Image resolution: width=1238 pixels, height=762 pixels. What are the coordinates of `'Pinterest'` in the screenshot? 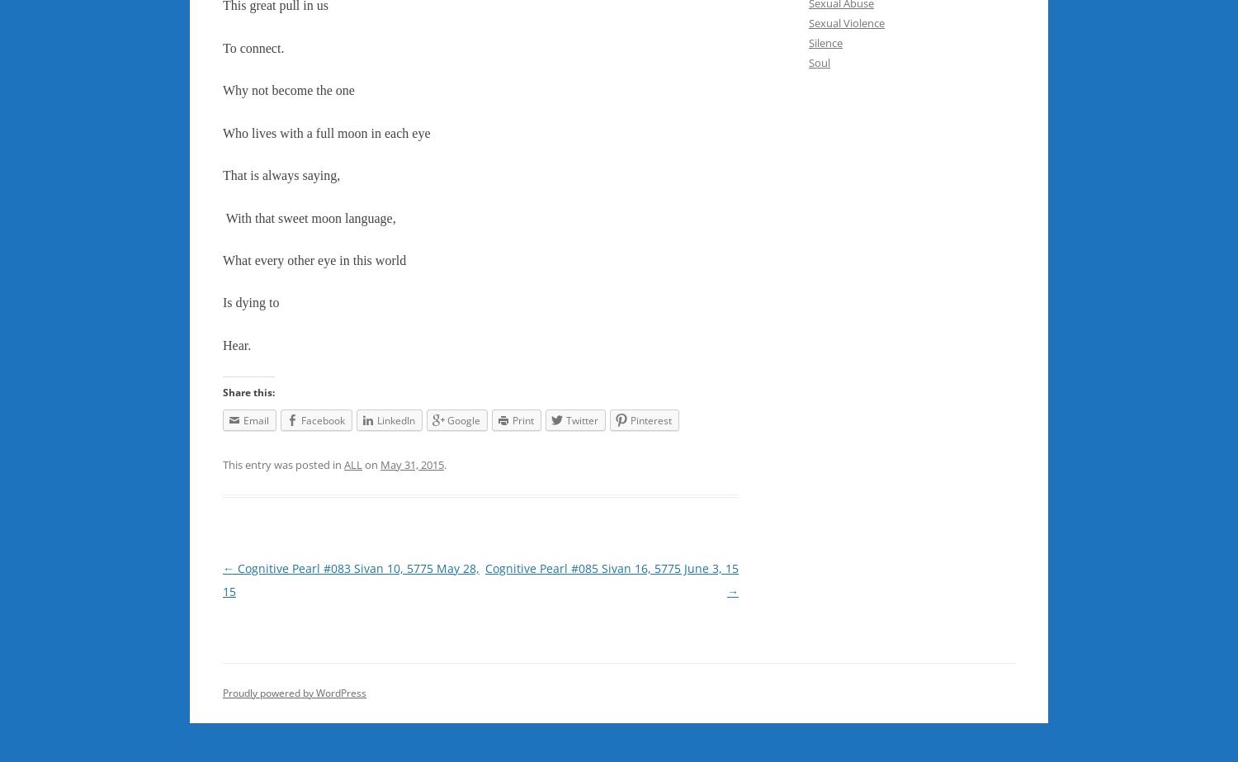 It's located at (651, 419).